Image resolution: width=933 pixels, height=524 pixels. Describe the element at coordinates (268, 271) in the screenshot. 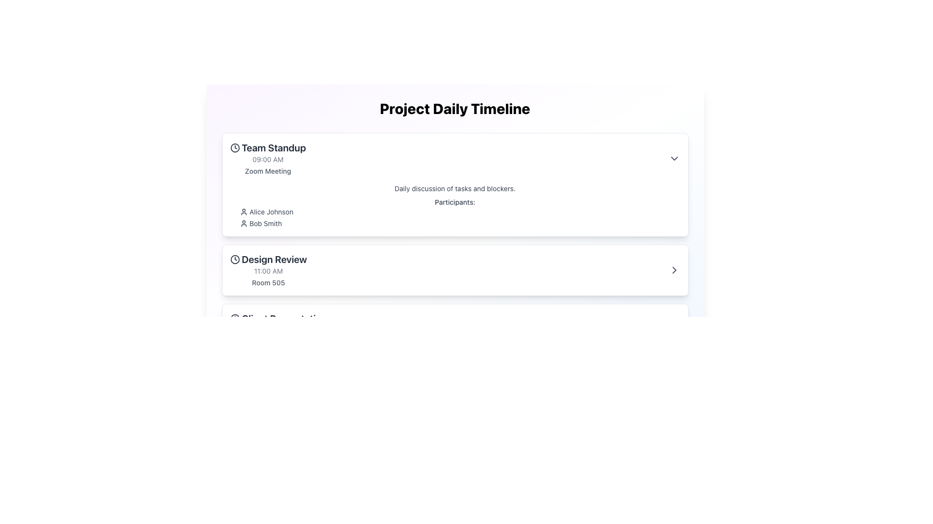

I see `the Text Label that specifies the time for the 'Design Review' meeting, which is positioned below the 'Design Review' text and above the 'Room 505' text` at that location.